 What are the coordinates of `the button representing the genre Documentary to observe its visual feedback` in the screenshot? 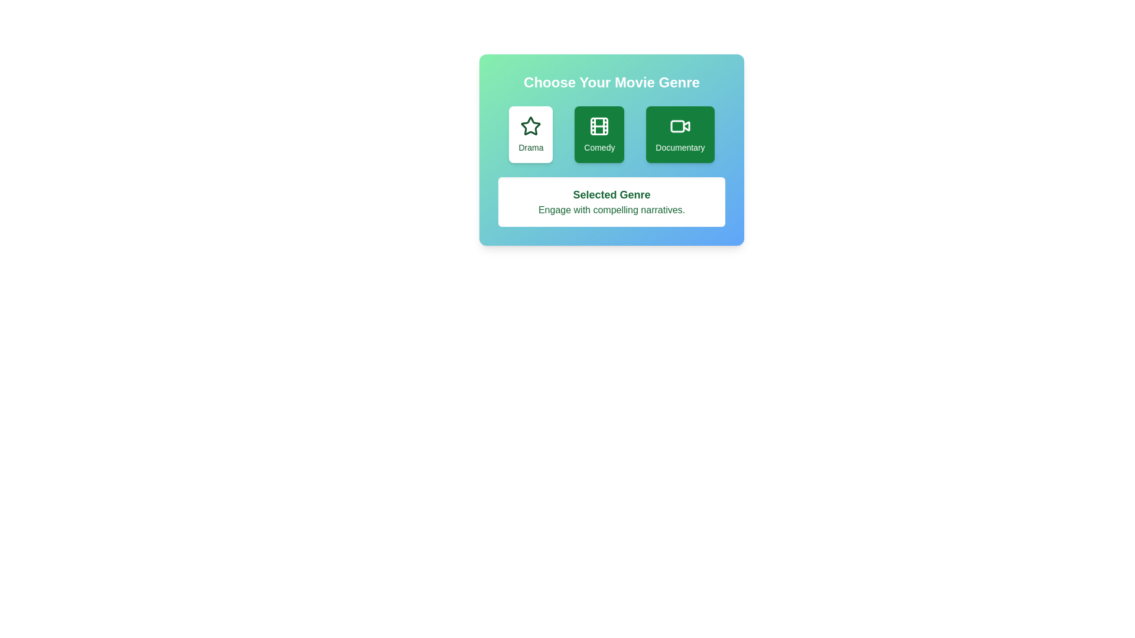 It's located at (680, 134).